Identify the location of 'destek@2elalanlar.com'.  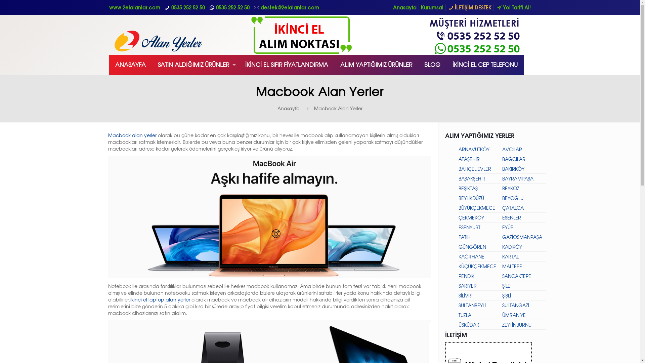
(290, 7).